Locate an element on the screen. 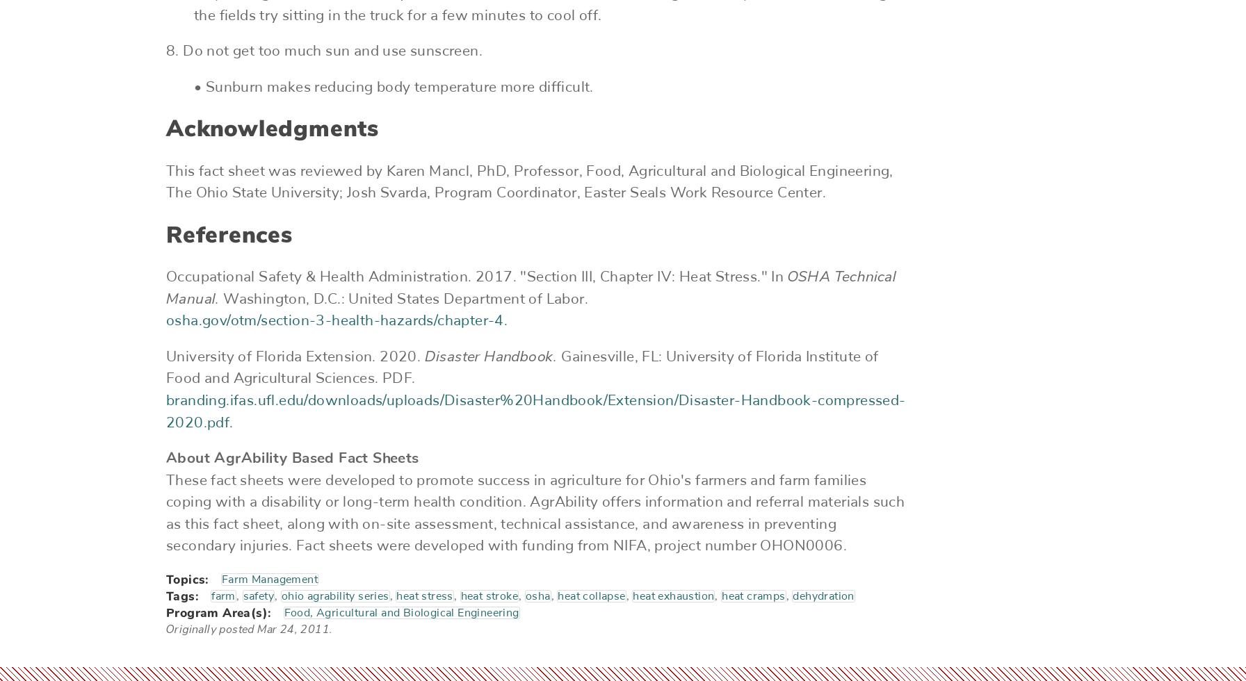 Image resolution: width=1246 pixels, height=681 pixels. 'Farm Management' is located at coordinates (269, 579).